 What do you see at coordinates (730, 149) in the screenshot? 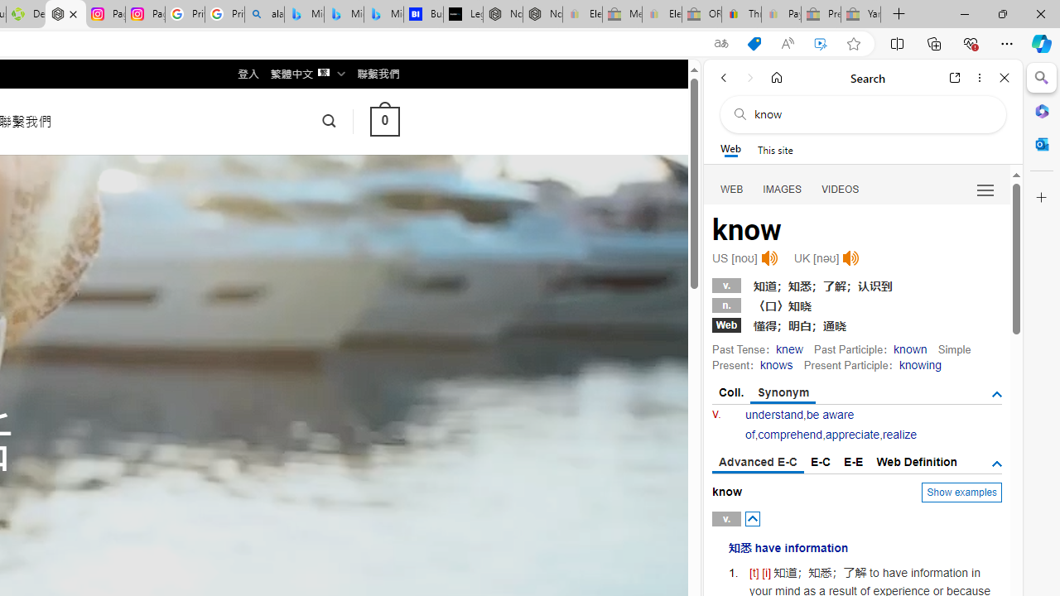
I see `'Web scope'` at bounding box center [730, 149].